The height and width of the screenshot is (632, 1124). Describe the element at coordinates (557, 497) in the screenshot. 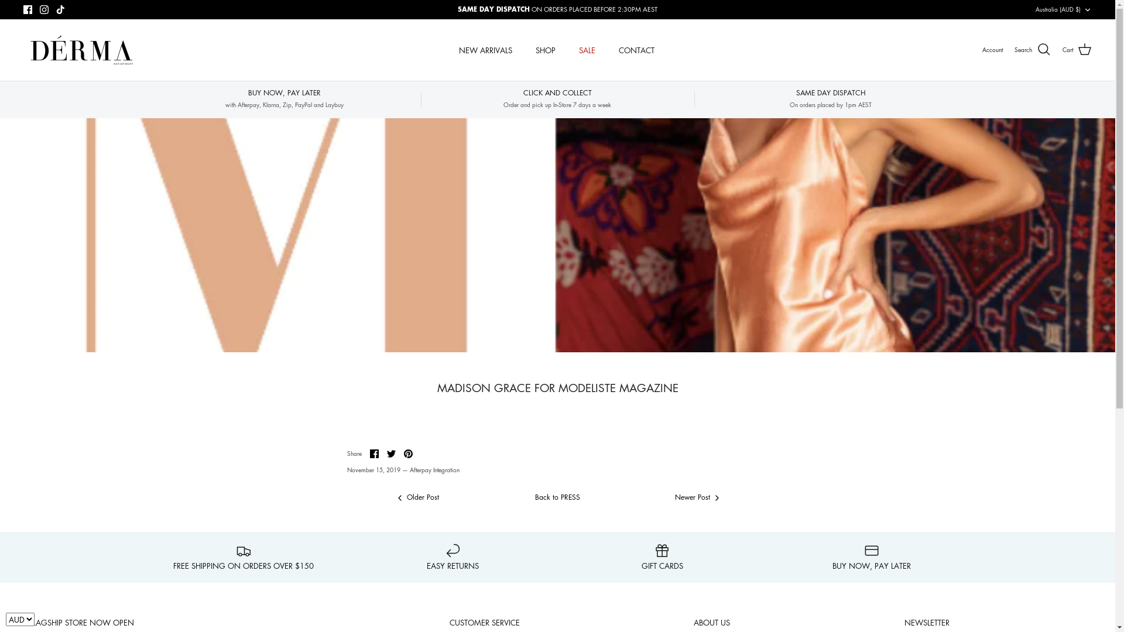

I see `'Back to PRESS'` at that location.